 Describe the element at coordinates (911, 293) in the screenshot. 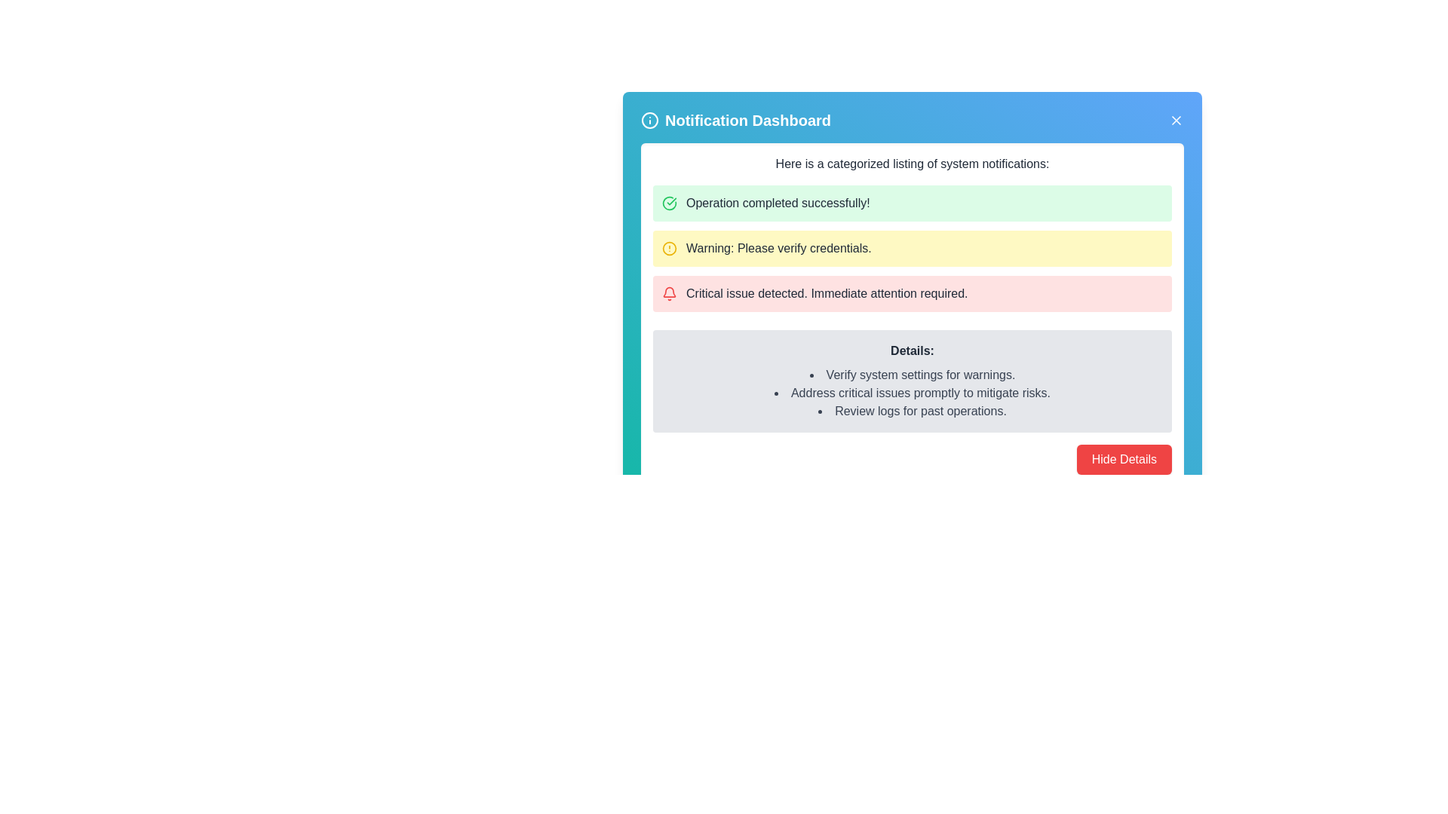

I see `the third notification item in the vertical list that displays a critical notification message, positioned after 'Operation completed successfully!' and 'Warning: Please verify credentials.'` at that location.